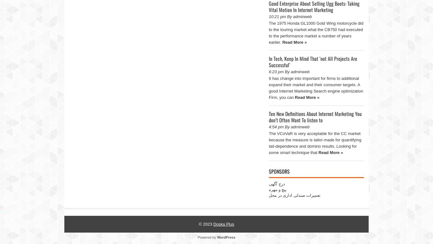 The image size is (433, 244). I want to click on '4:54 pm By adminweb', so click(289, 127).